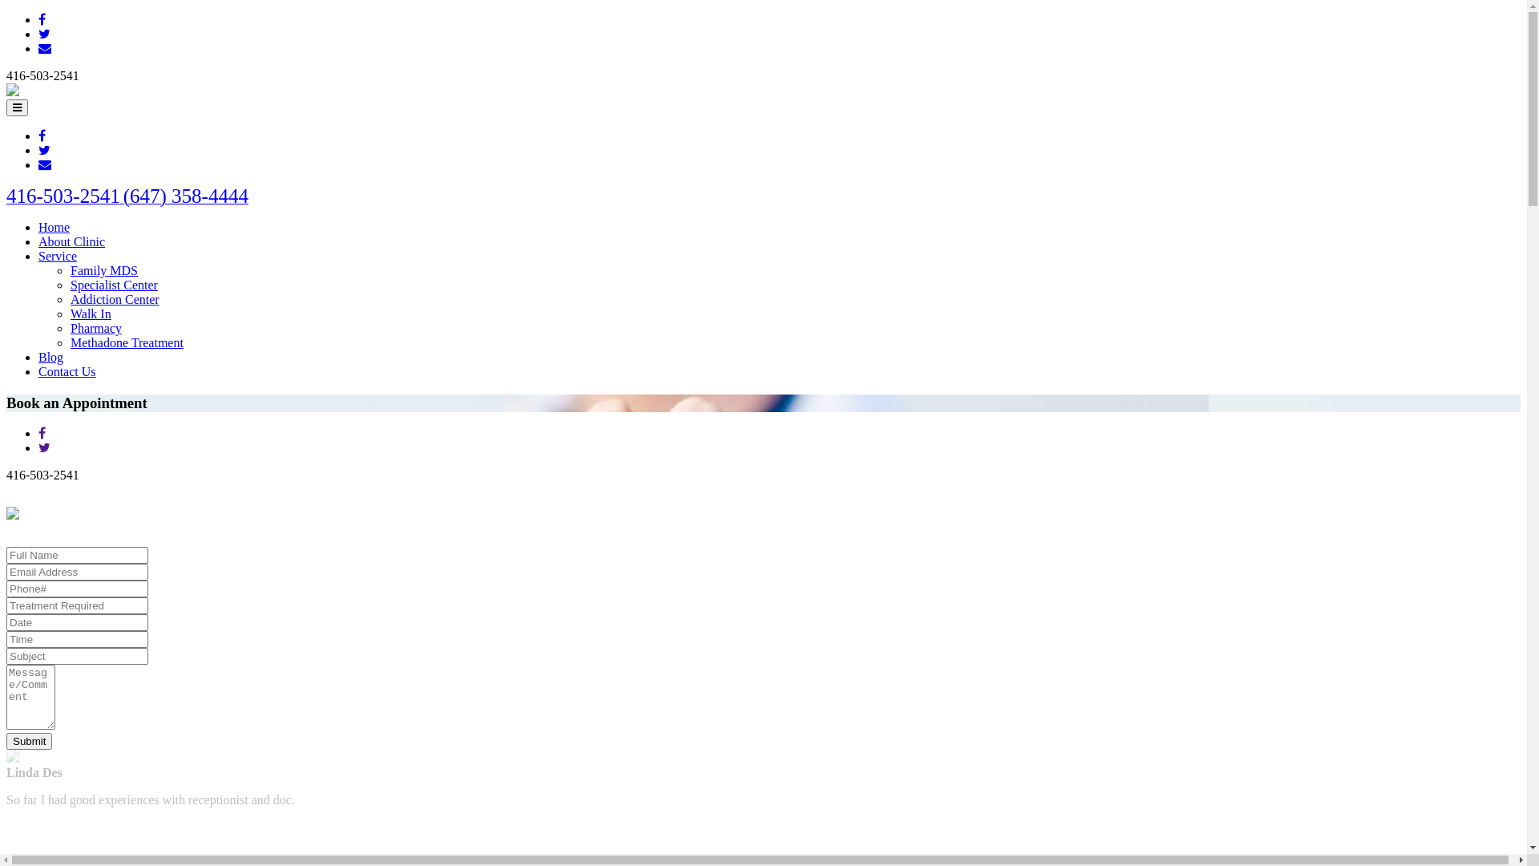 This screenshot has width=1539, height=866. What do you see at coordinates (113, 284) in the screenshot?
I see `'Specialist Center'` at bounding box center [113, 284].